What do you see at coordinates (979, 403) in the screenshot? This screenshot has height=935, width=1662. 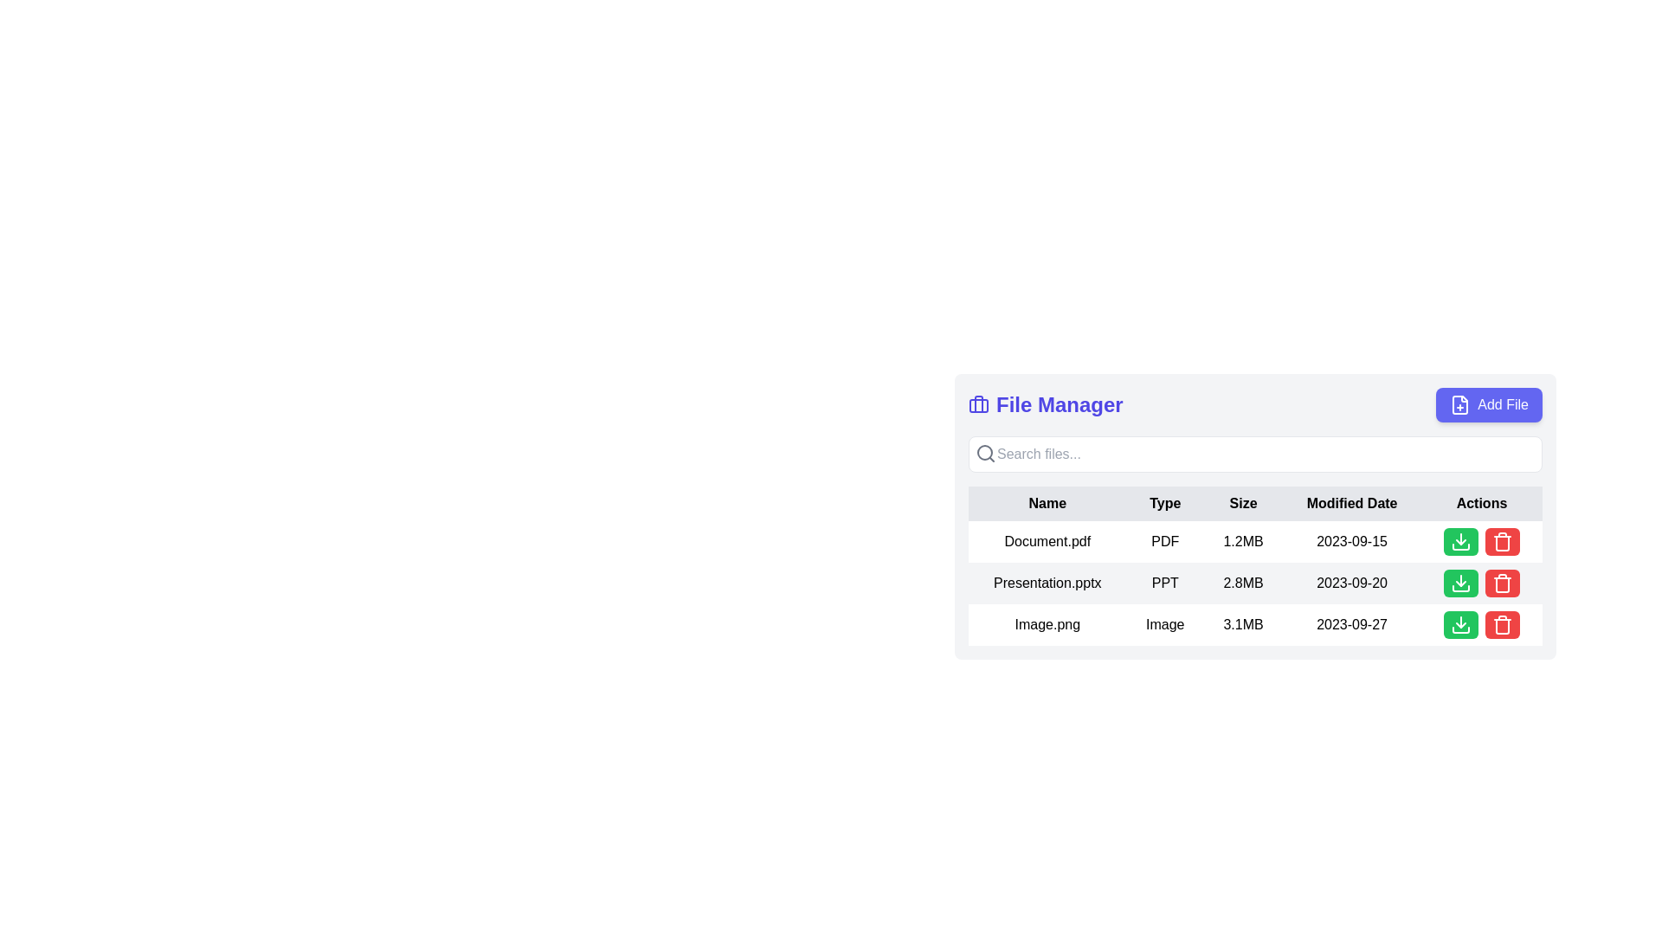 I see `the left segment of the briefcase icon, which is a vertical rectangle forming the handle of the icon located in the upper left corner of the sidebar` at bounding box center [979, 403].